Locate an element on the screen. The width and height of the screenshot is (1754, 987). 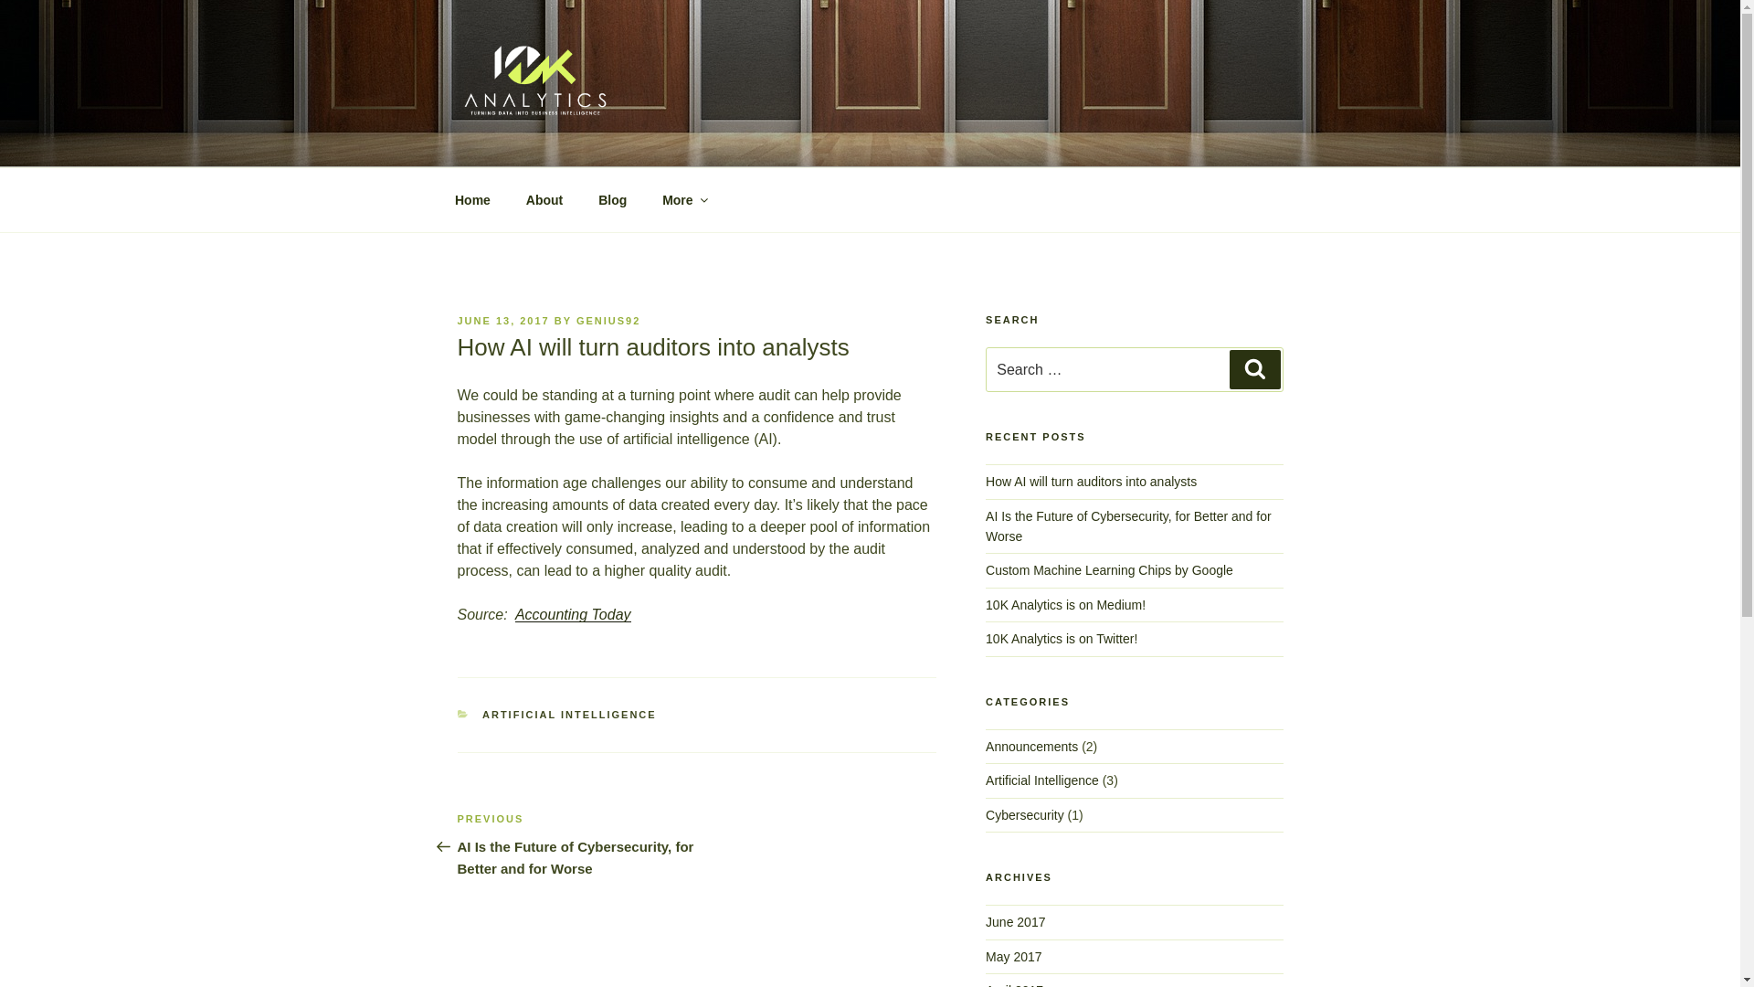
'JUNE 13, 2017' is located at coordinates (502, 320).